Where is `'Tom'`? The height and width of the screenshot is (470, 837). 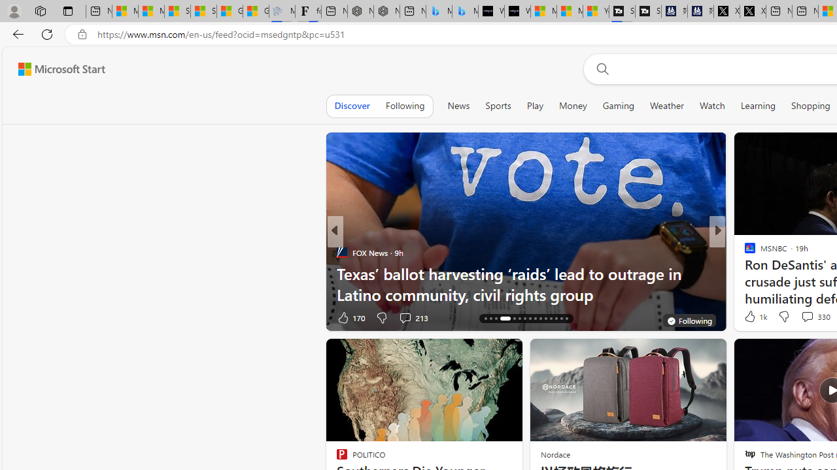 'Tom' is located at coordinates (744, 253).